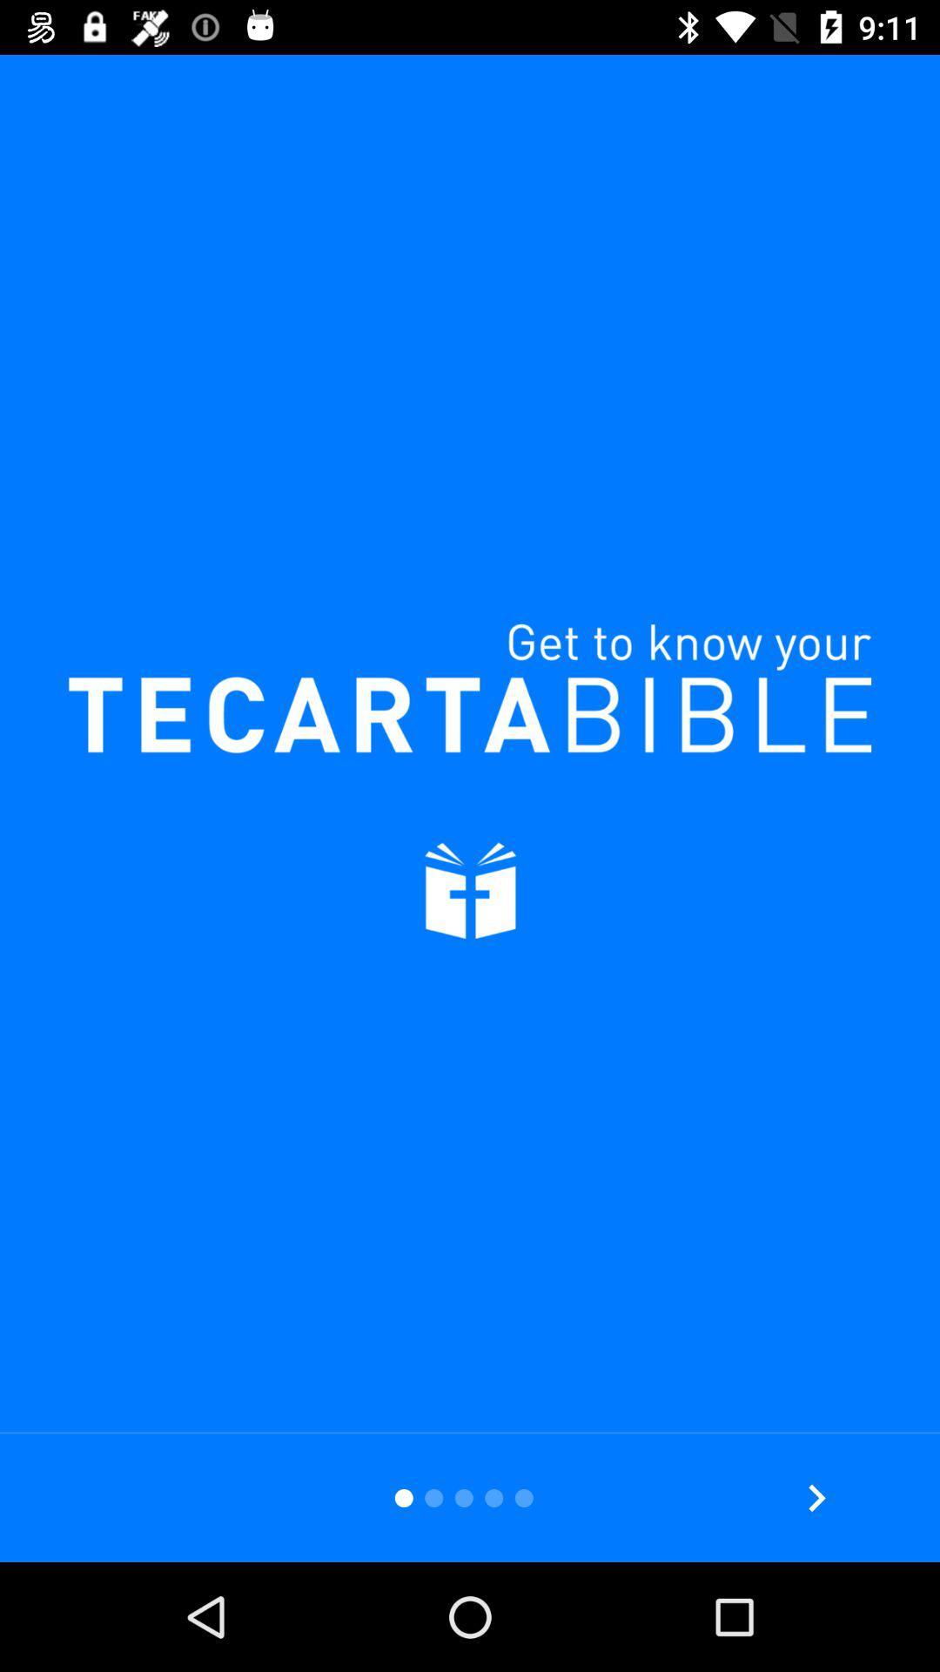 The width and height of the screenshot is (940, 1672). Describe the element at coordinates (816, 1497) in the screenshot. I see `forward` at that location.